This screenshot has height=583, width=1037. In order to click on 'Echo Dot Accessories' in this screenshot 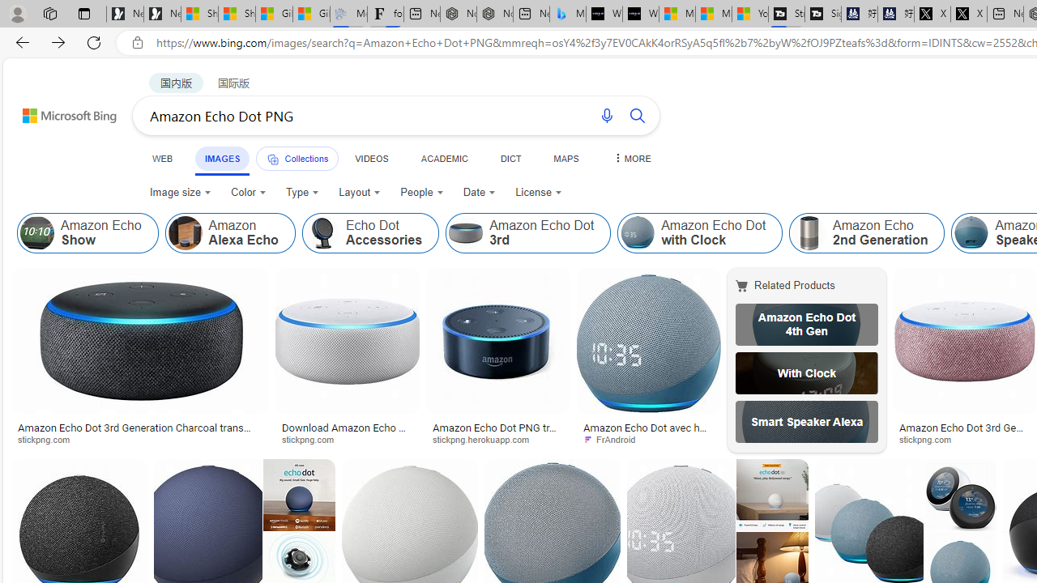, I will do `click(369, 233)`.